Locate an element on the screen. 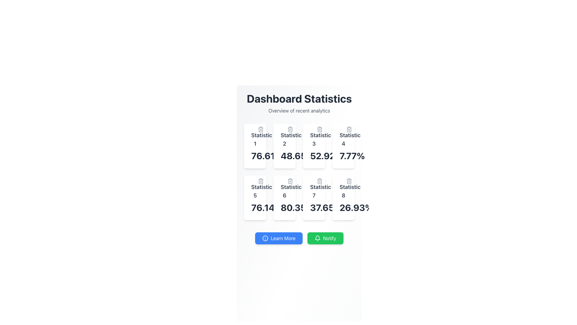 This screenshot has height=325, width=577. the trash icon located in the top-right corner of the card for 'Statistic 4' is located at coordinates (349, 129).